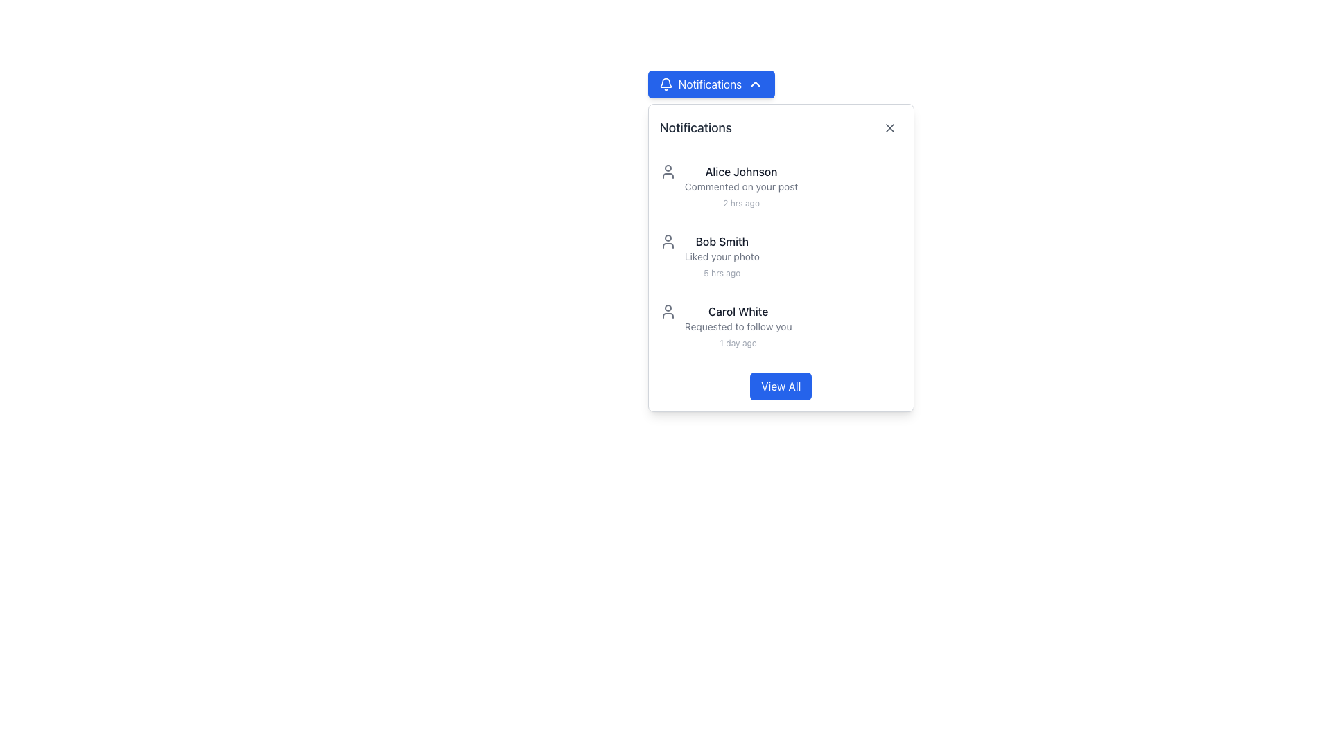 The height and width of the screenshot is (748, 1331). I want to click on the static text element that displays 'Liked your photo' within the notification box for 'Bob Smith', so click(721, 256).